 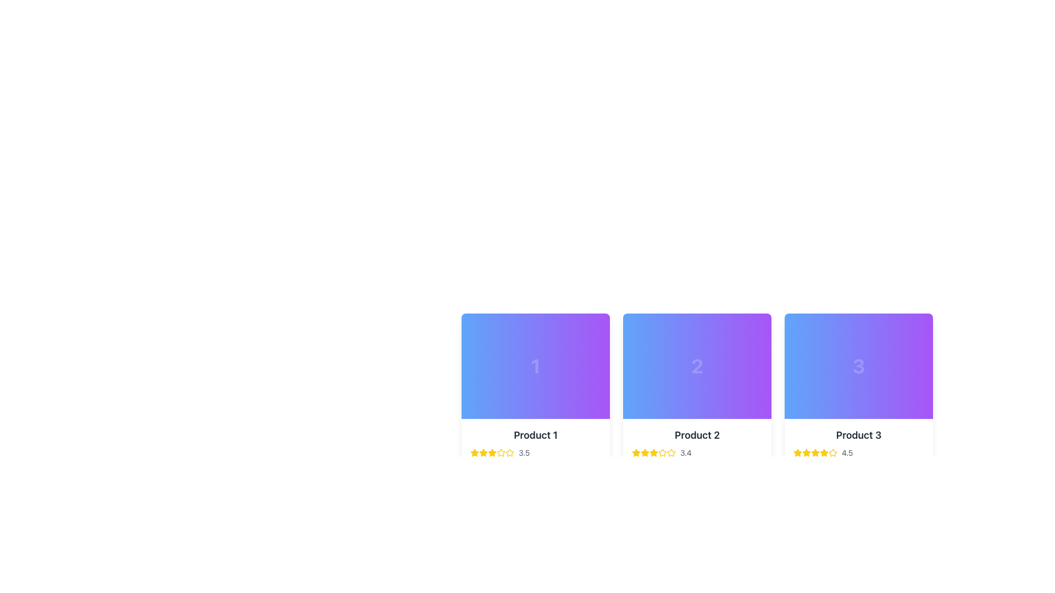 What do you see at coordinates (645, 452) in the screenshot?
I see `the star-shaped icon that is golden-yellow in color, representing a rating star, located in the second rating group underneath the 'Product 2' card, specifically the second star from the left` at bounding box center [645, 452].